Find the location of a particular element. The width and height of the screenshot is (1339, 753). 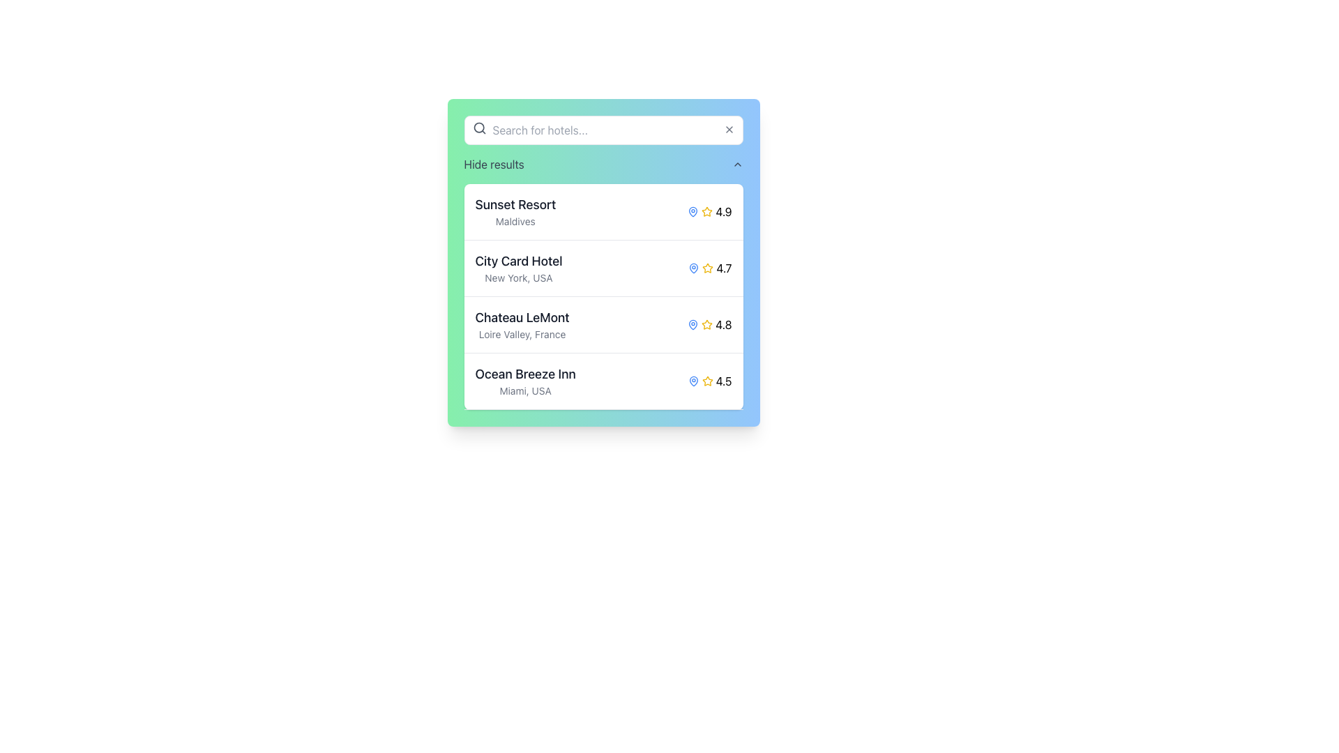

the static text label that indicates the geographical location associated with the 'City Card Hotel' entry, positioned directly below the 'City Card Hotel' text in the second row of hotel cards is located at coordinates (518, 277).